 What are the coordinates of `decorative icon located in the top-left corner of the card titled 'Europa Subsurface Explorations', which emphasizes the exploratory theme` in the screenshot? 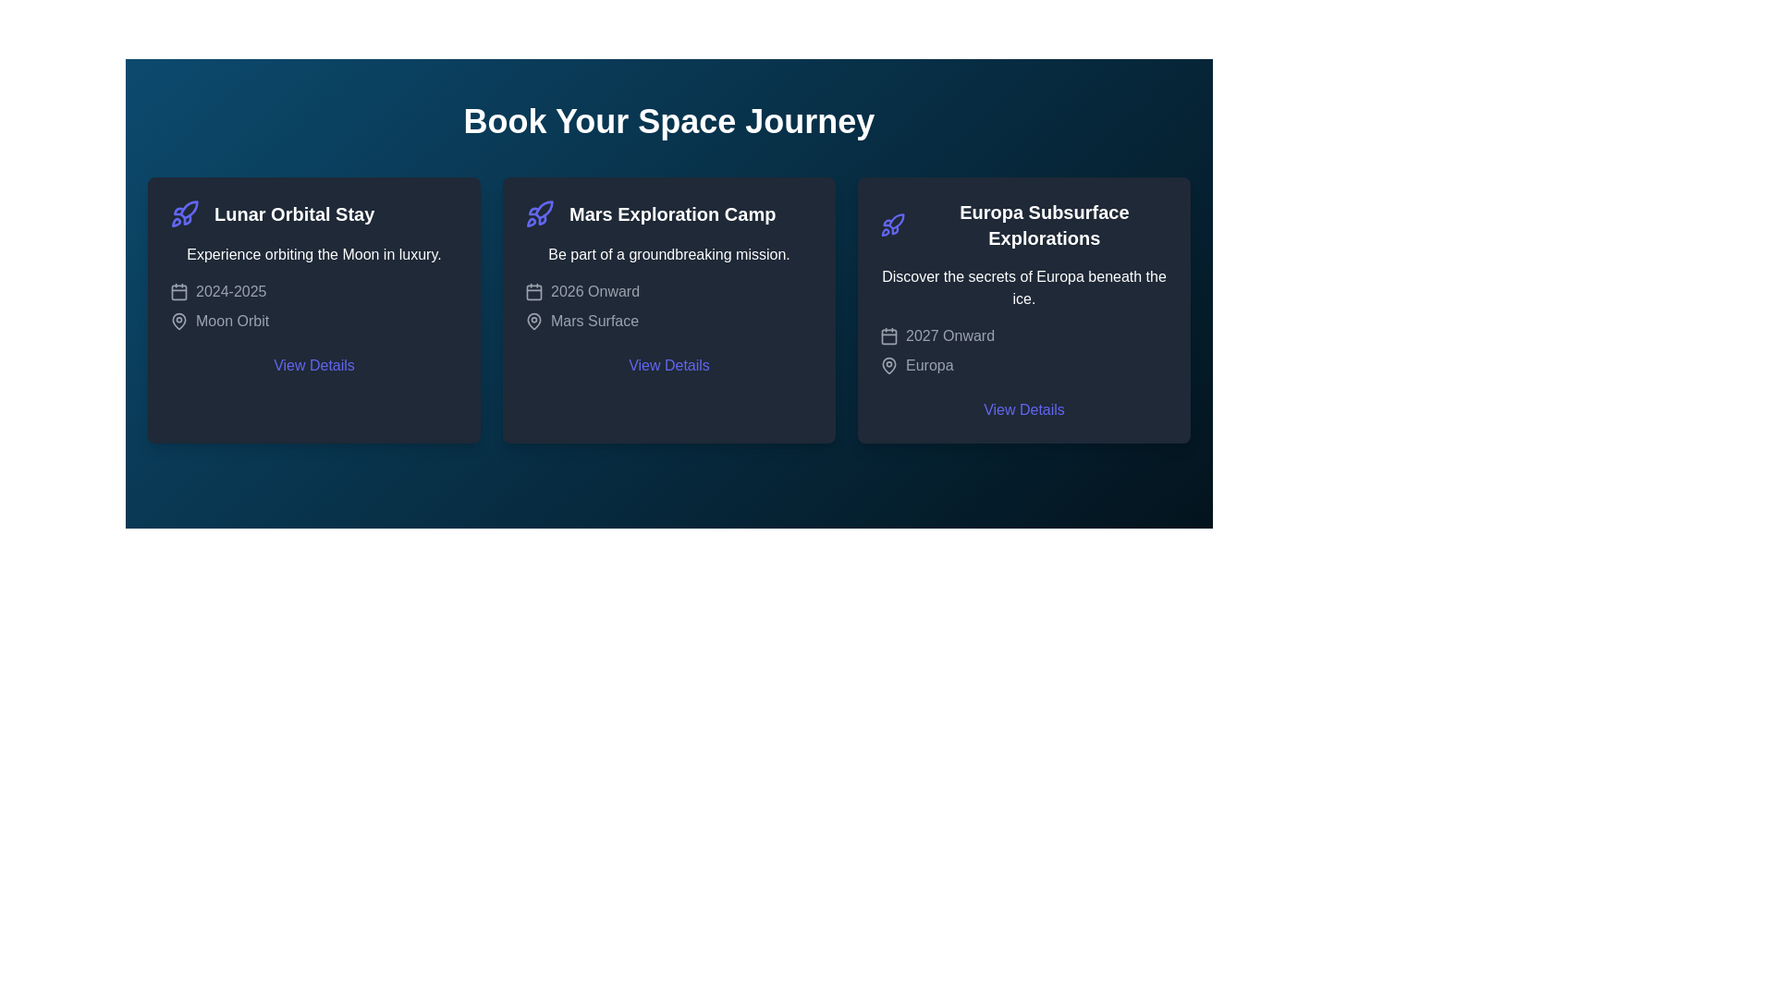 It's located at (892, 224).